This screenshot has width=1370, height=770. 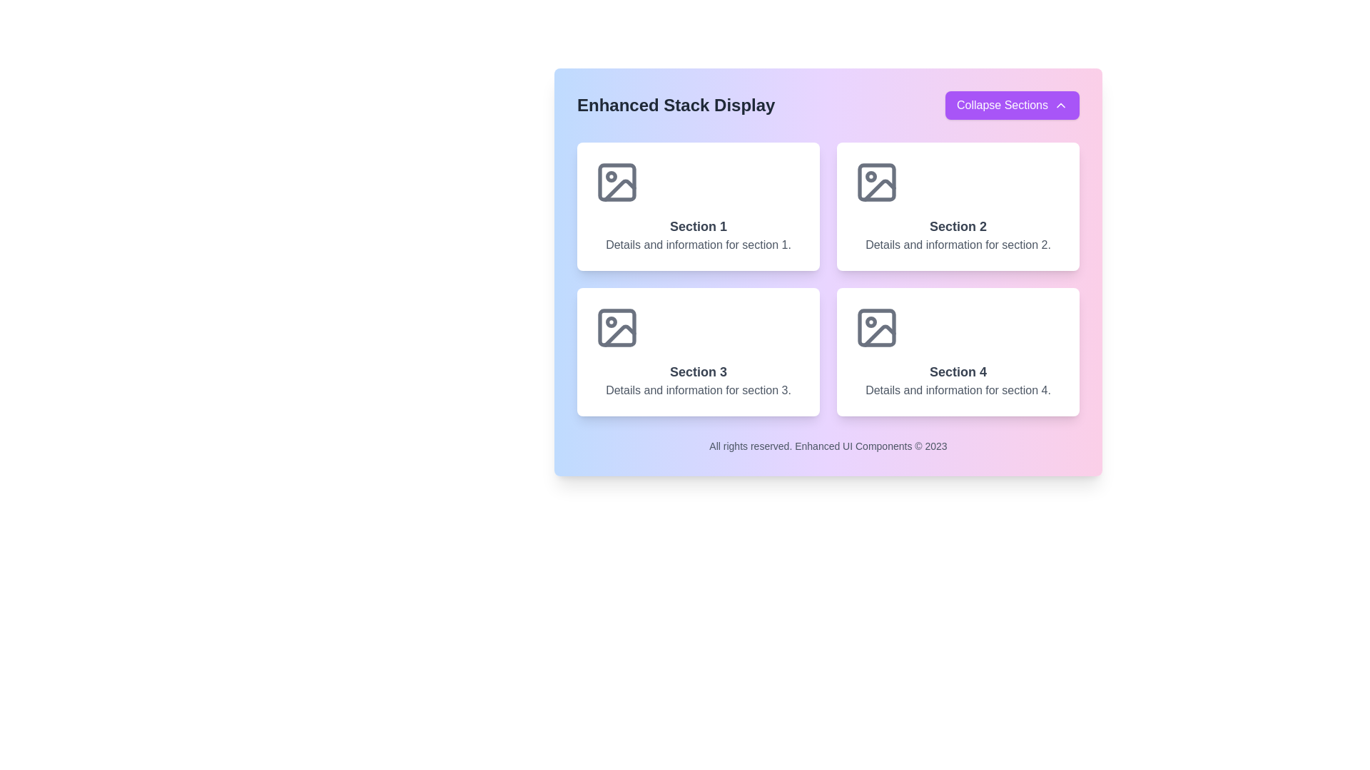 I want to click on the image icon styled with a modern, minimalistic design located in the top-right of the card labeled 'Section 2', so click(x=876, y=181).